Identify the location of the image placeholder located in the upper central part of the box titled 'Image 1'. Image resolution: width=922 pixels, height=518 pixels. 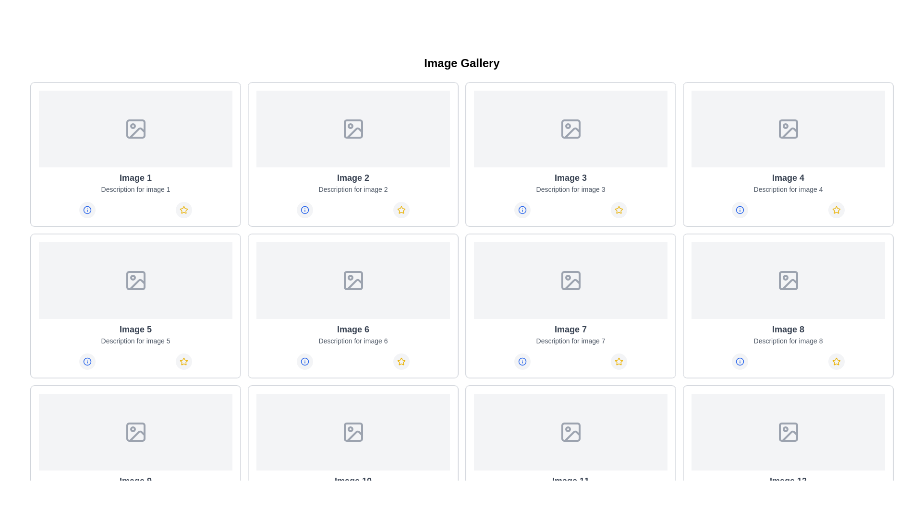
(135, 129).